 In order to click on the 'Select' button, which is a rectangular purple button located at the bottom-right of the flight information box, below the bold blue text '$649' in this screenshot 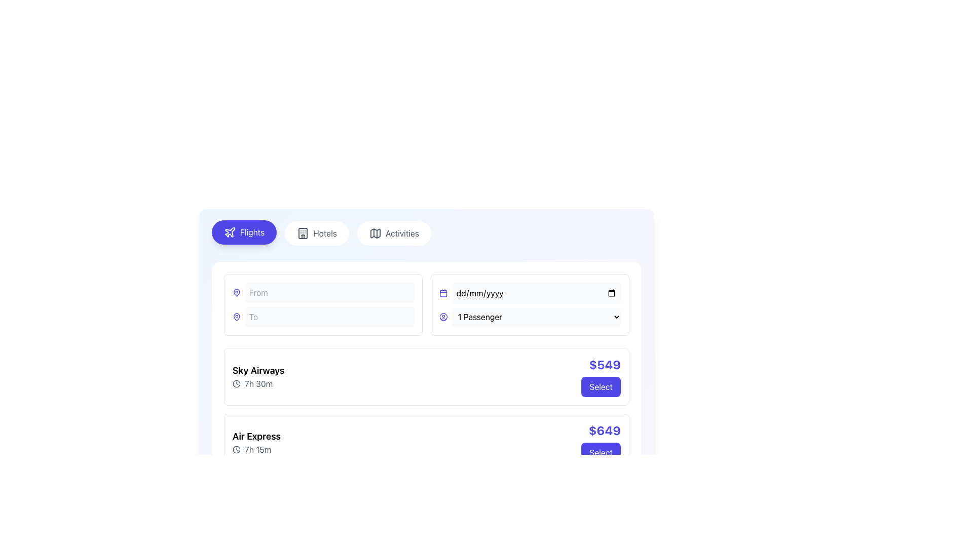, I will do `click(601, 442)`.